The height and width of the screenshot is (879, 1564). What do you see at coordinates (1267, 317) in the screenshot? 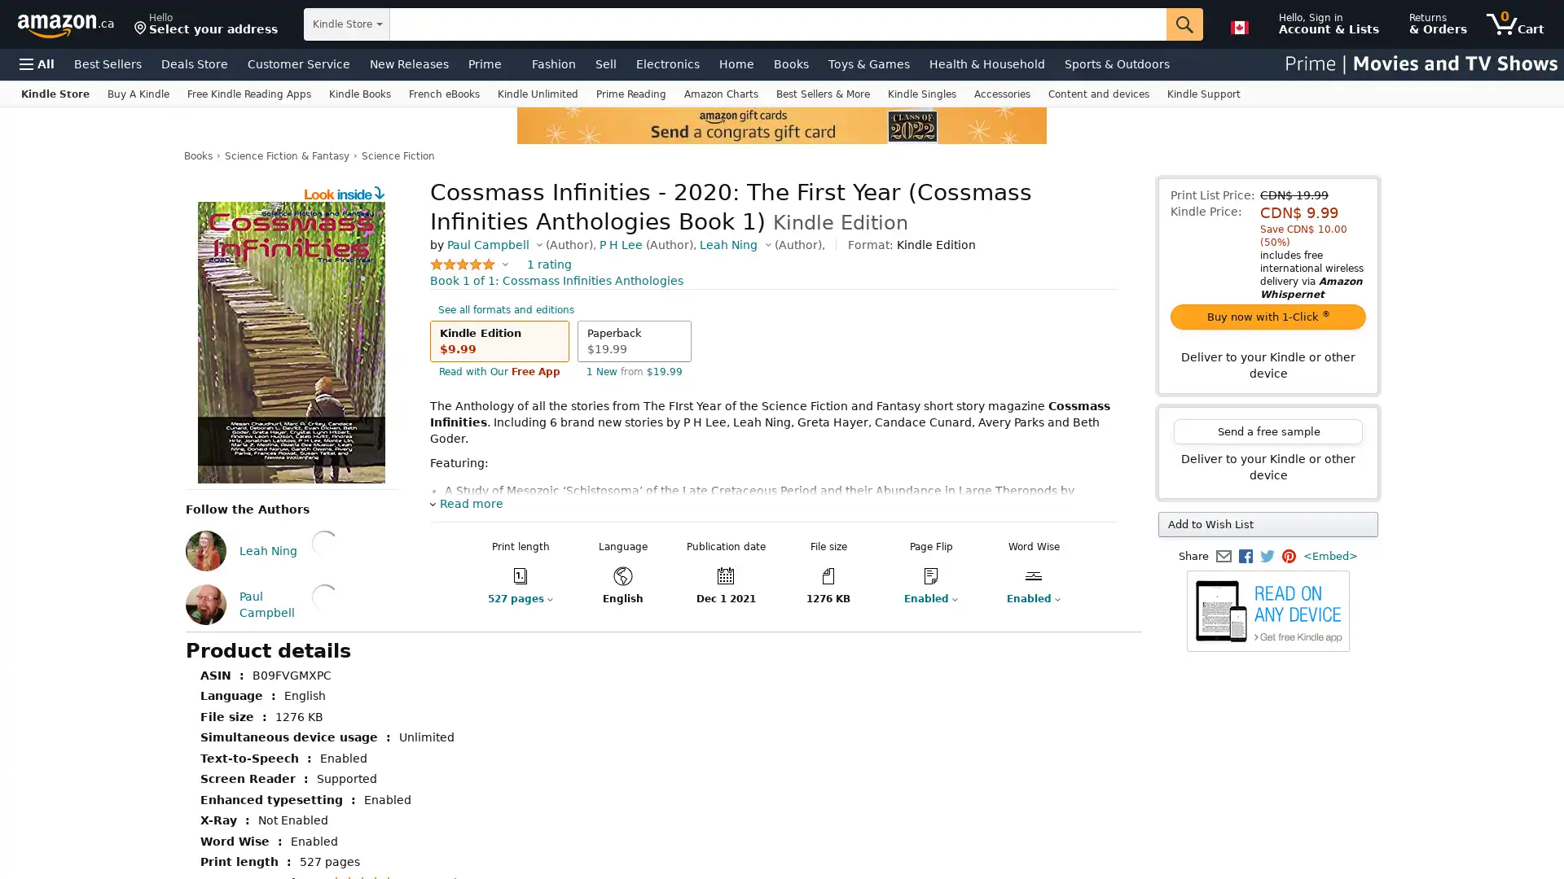
I see `Buy now with 1-Click` at bounding box center [1267, 317].